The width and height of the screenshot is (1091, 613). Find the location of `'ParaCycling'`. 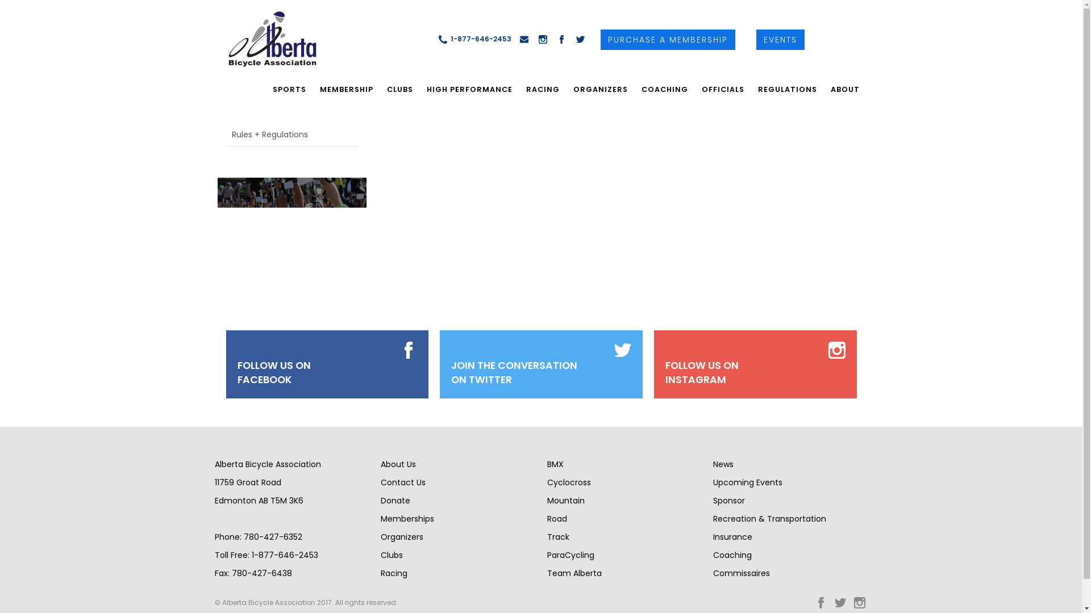

'ParaCycling' is located at coordinates (546, 555).